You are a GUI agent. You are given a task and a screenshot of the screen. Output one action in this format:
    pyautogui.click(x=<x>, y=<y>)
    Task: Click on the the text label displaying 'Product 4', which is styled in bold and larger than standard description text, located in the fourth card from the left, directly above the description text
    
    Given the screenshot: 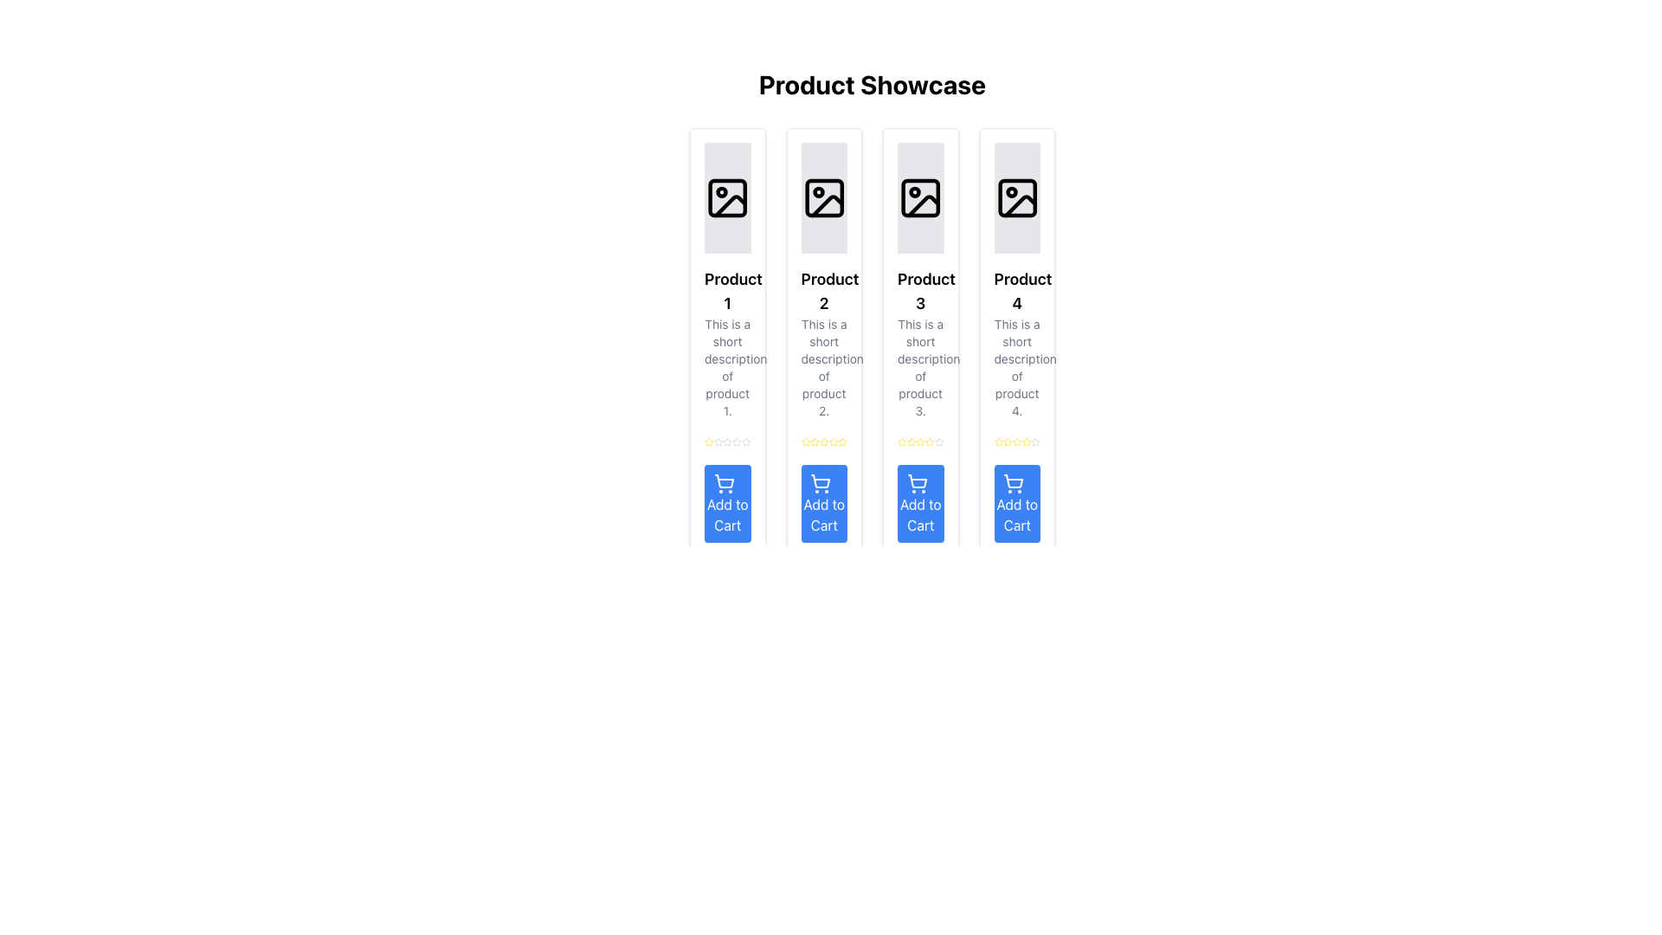 What is the action you would take?
    pyautogui.click(x=1017, y=290)
    